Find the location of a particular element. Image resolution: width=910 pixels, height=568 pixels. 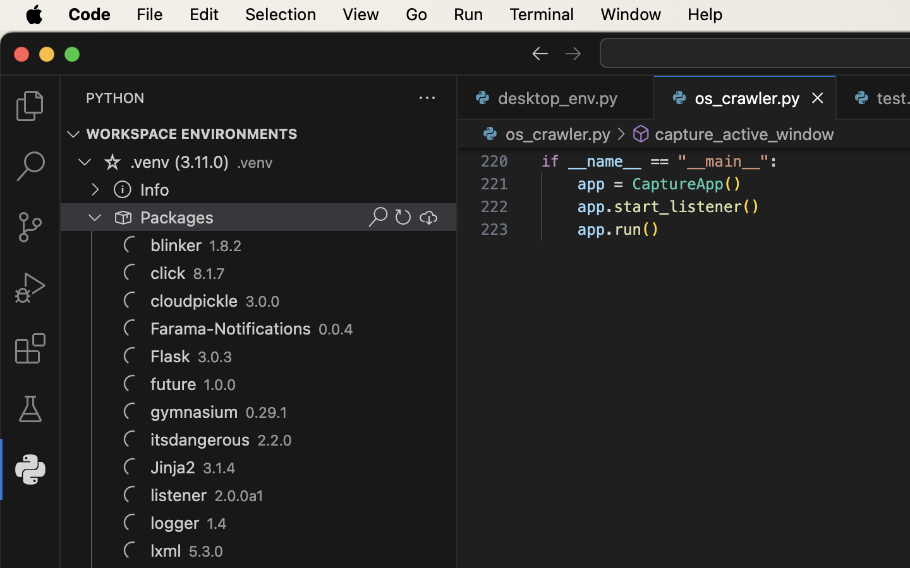

'Info' is located at coordinates (154, 189).